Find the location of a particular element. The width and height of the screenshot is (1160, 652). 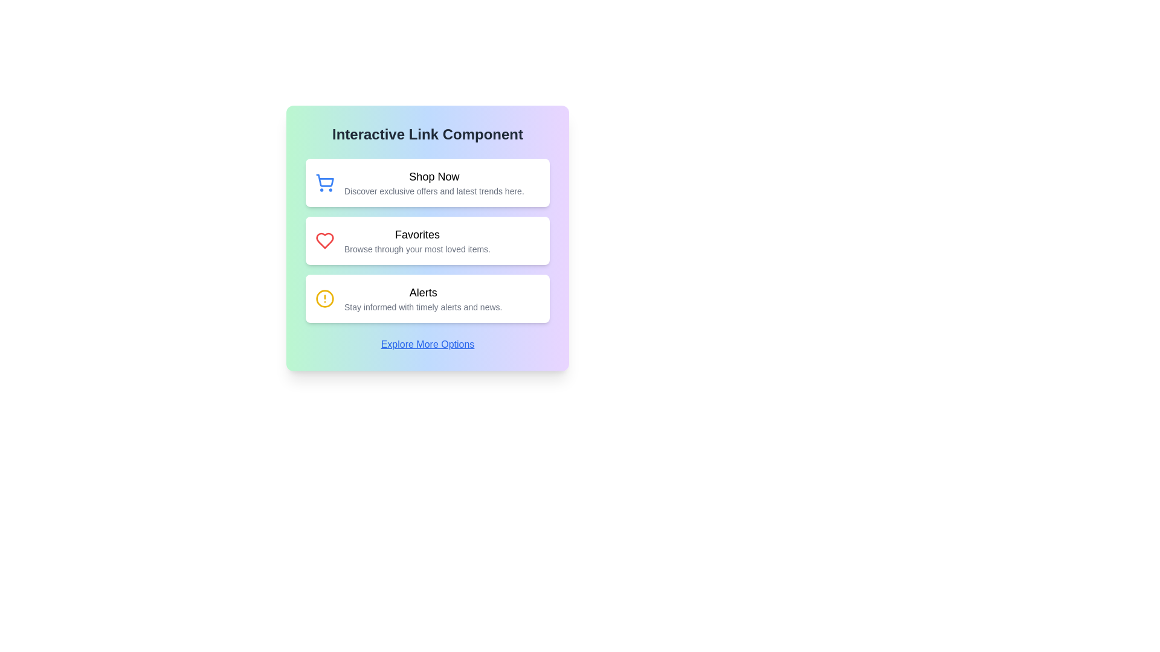

the heart icon representing favorites, located to the left of the 'Favorites' text label in the second option row is located at coordinates (324, 240).